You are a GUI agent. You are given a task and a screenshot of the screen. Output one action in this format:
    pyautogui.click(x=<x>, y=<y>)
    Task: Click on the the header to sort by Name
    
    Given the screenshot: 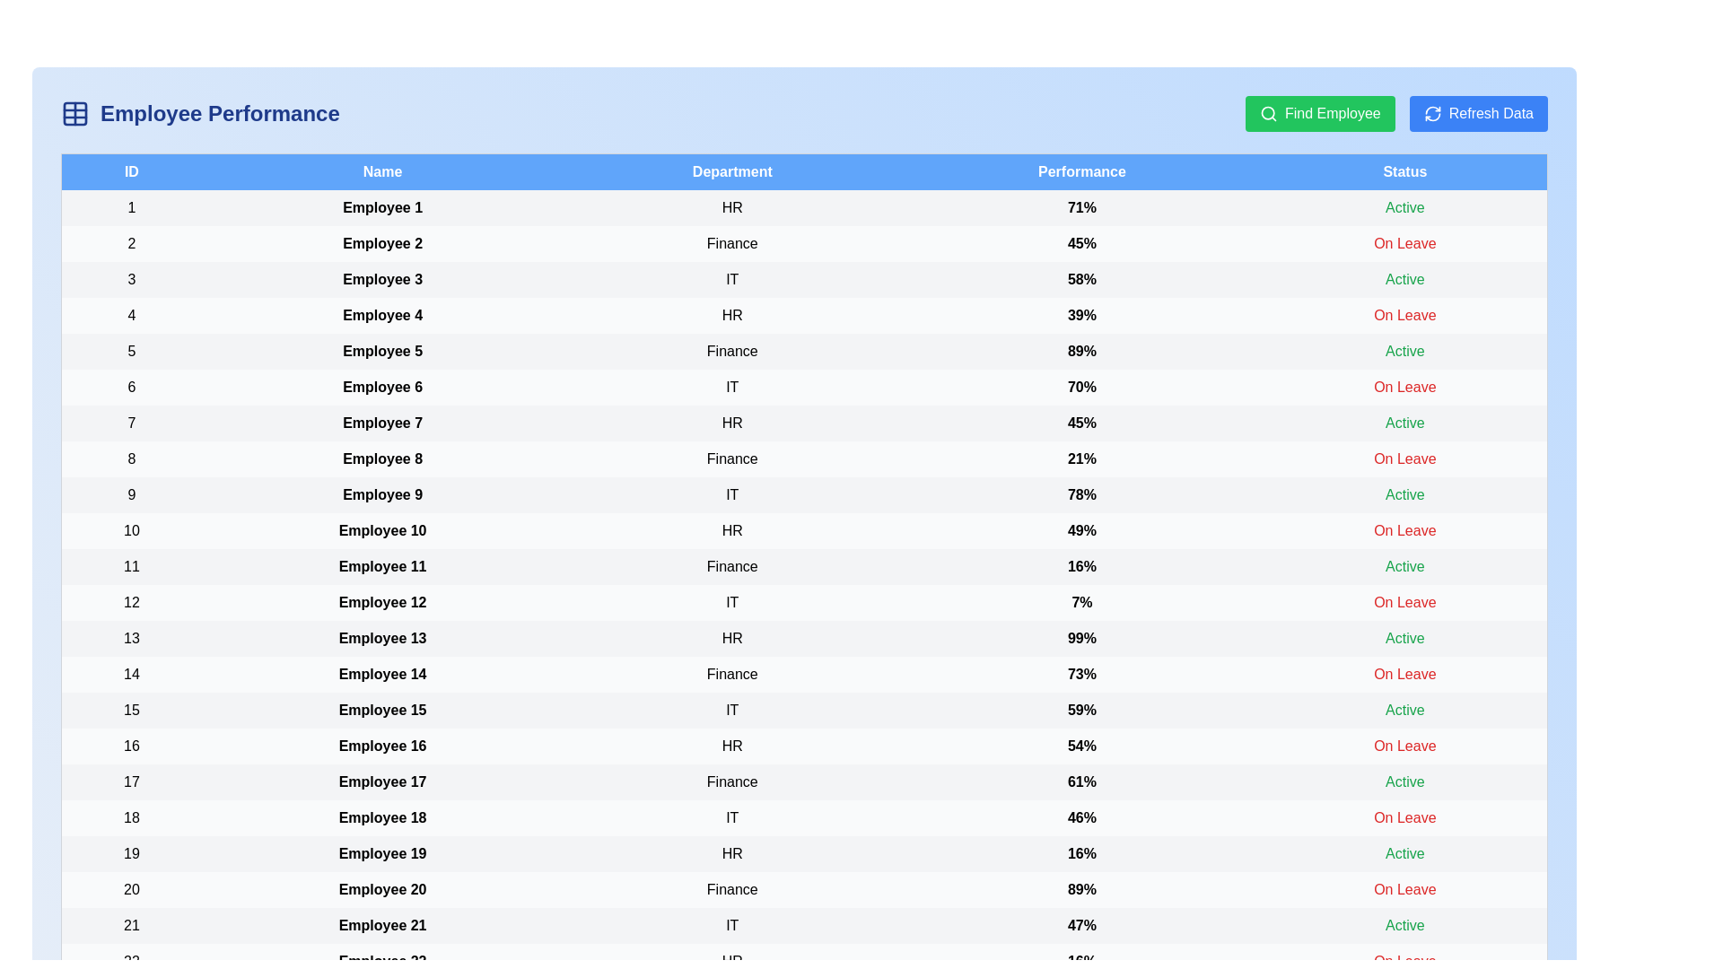 What is the action you would take?
    pyautogui.click(x=381, y=171)
    